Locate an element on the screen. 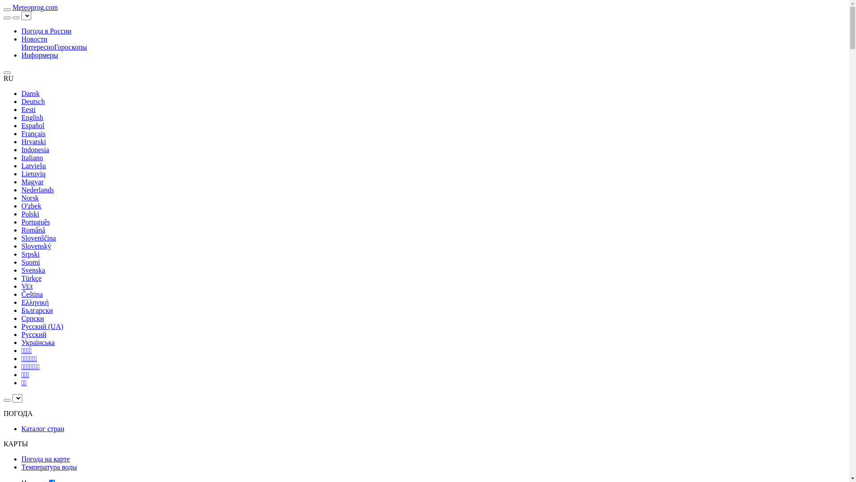 The image size is (856, 482). 'Italiano' is located at coordinates (32, 157).